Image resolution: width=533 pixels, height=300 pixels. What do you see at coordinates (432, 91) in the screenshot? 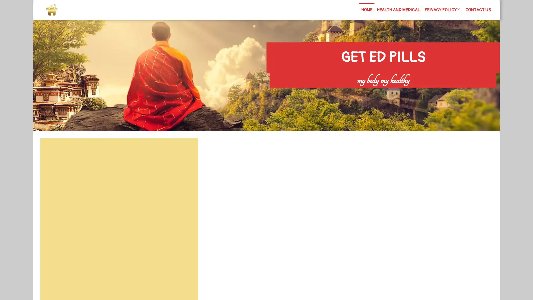
I see `Search` at bounding box center [432, 91].